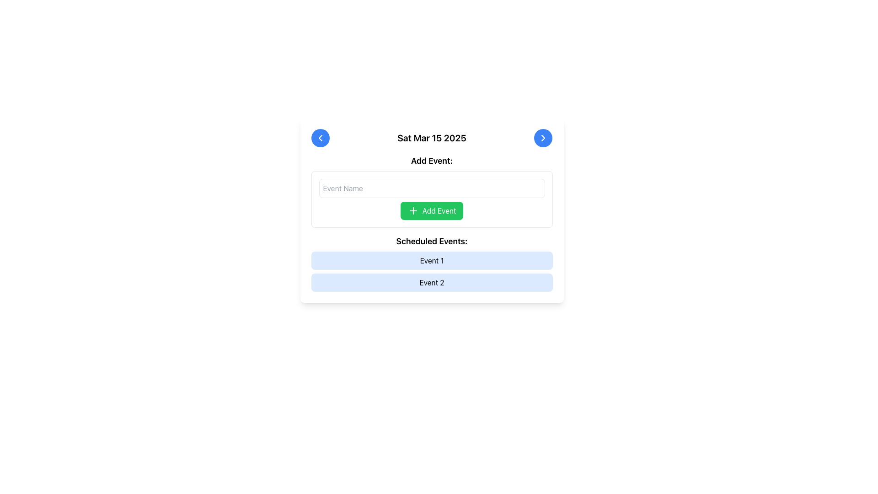 This screenshot has height=494, width=878. I want to click on text content of the heading that states 'Scheduled Events:' which is prominently styled and positioned above the event listings, so click(431, 241).